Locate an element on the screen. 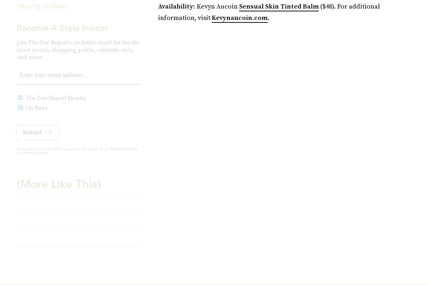 The image size is (427, 285). '($48). For additional information, visit' is located at coordinates (269, 12).